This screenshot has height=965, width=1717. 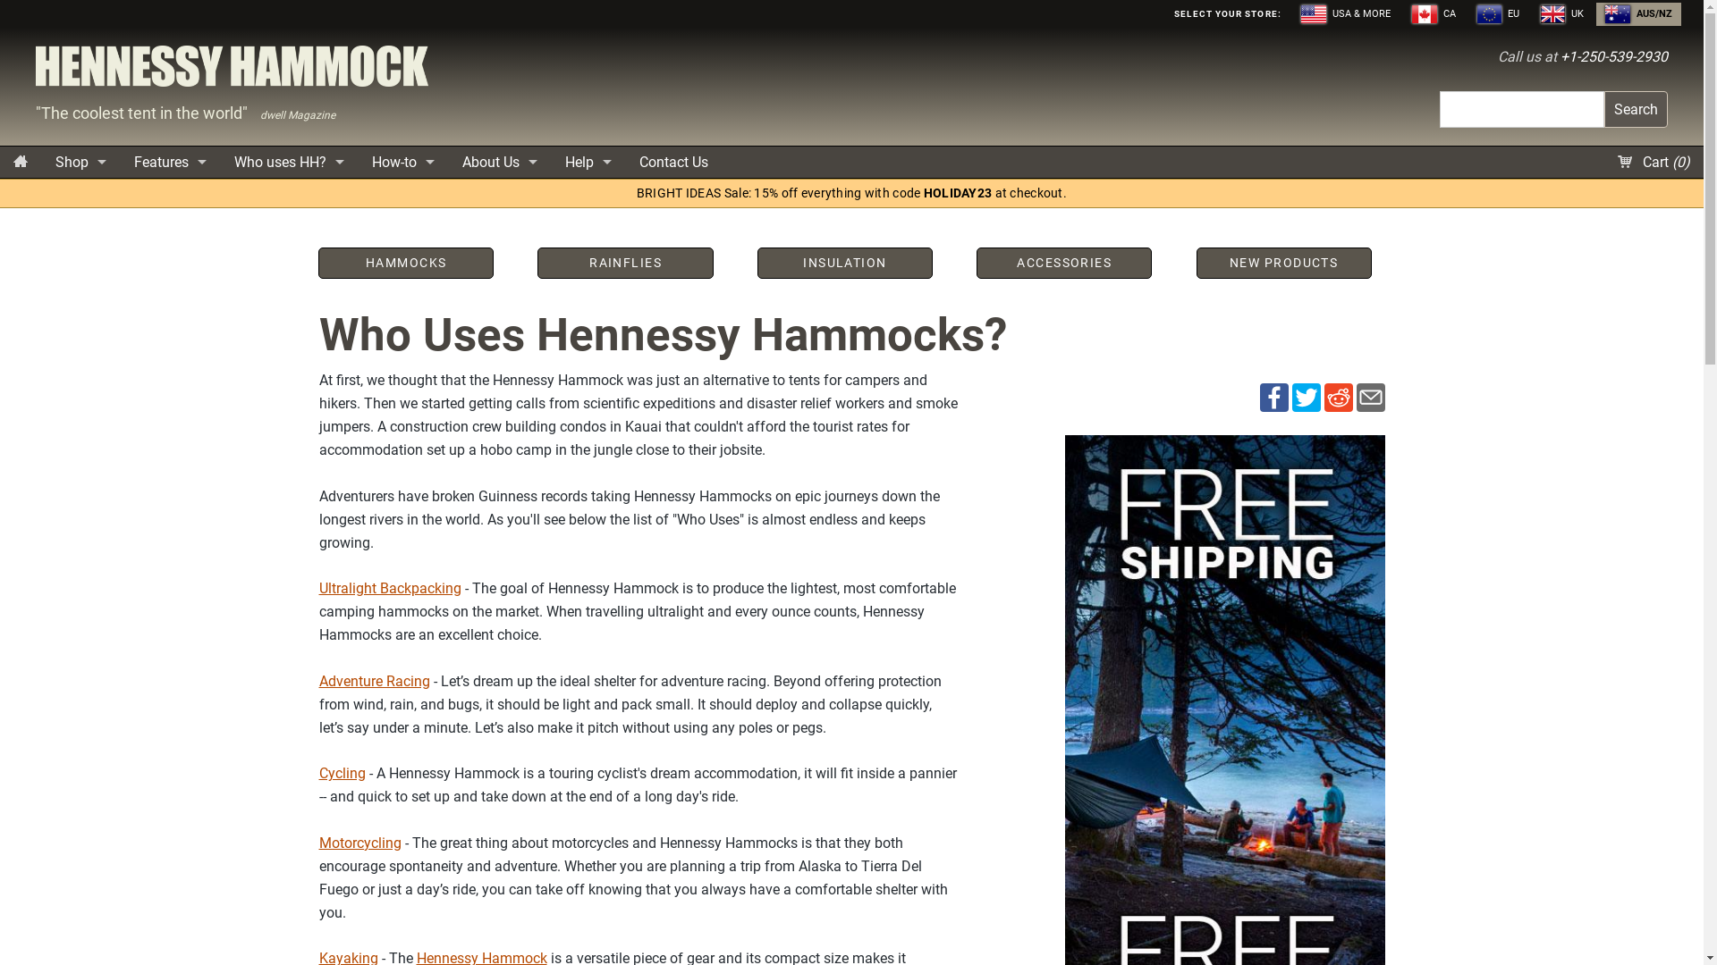 What do you see at coordinates (1636, 109) in the screenshot?
I see `'Search'` at bounding box center [1636, 109].